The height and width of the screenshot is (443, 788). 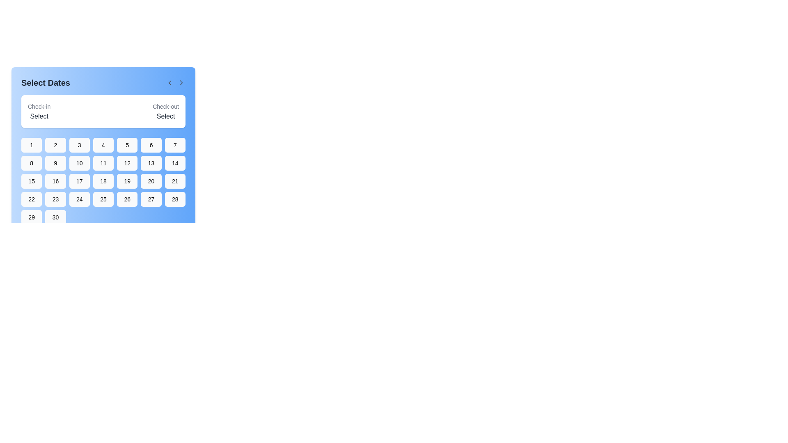 What do you see at coordinates (32, 199) in the screenshot?
I see `the button representing the date '22' in the calendar interface` at bounding box center [32, 199].